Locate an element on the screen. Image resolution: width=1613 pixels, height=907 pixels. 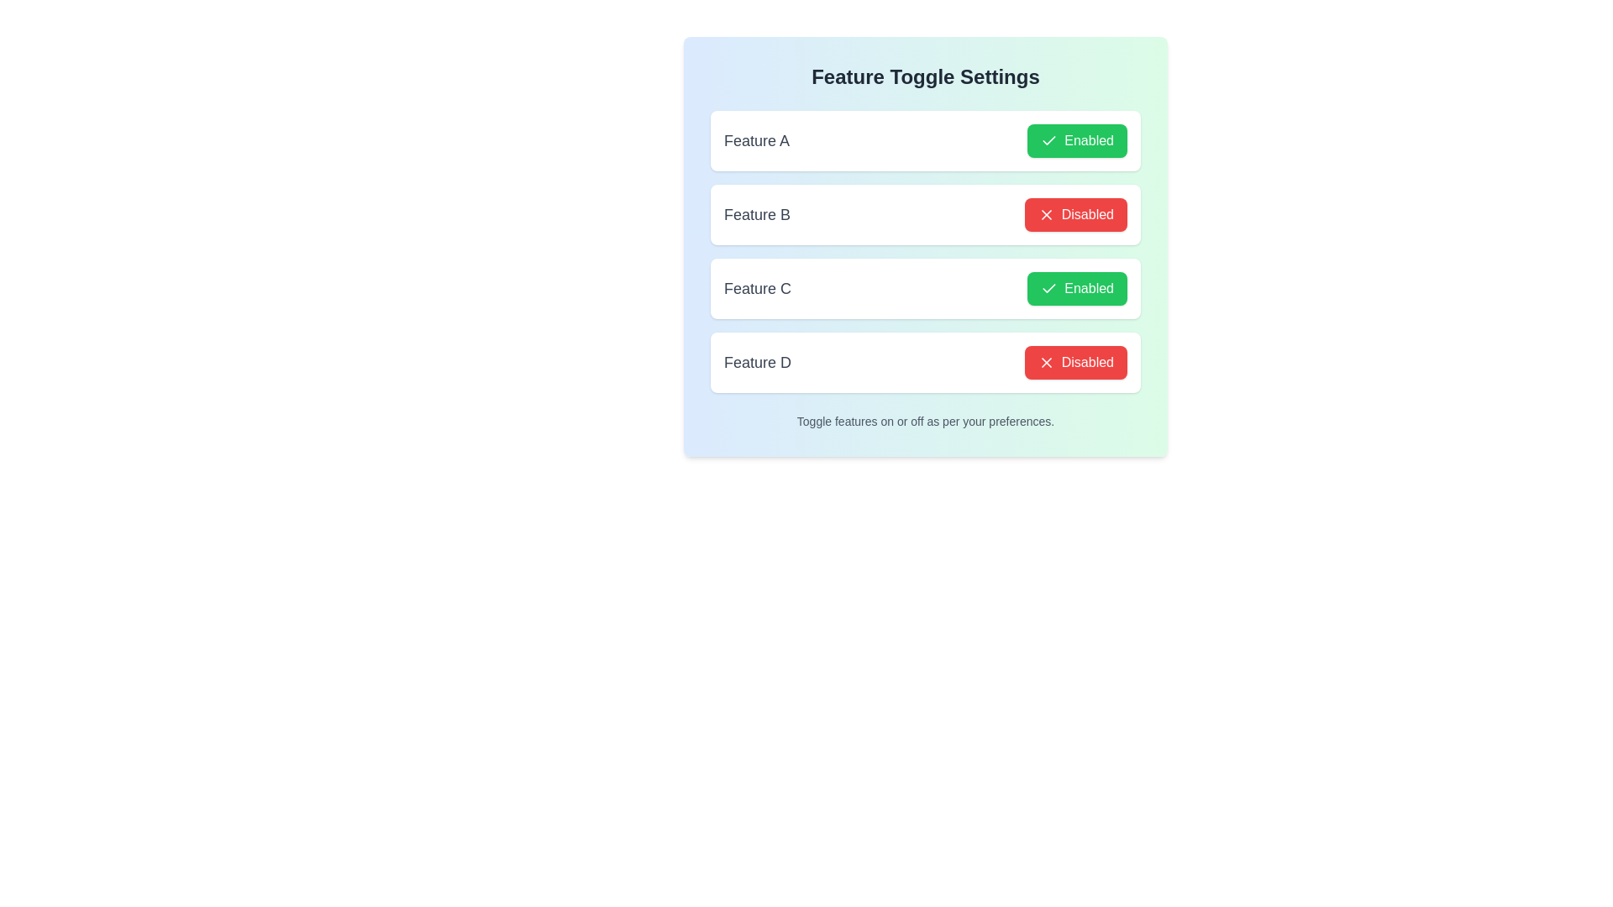
the prominently styled red button labeled 'Disabled' with a cross icon is located at coordinates (1075, 213).